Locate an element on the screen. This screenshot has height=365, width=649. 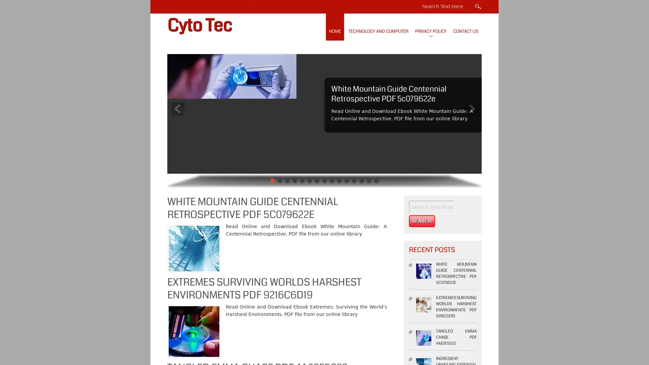
Search is located at coordinates (422, 221).